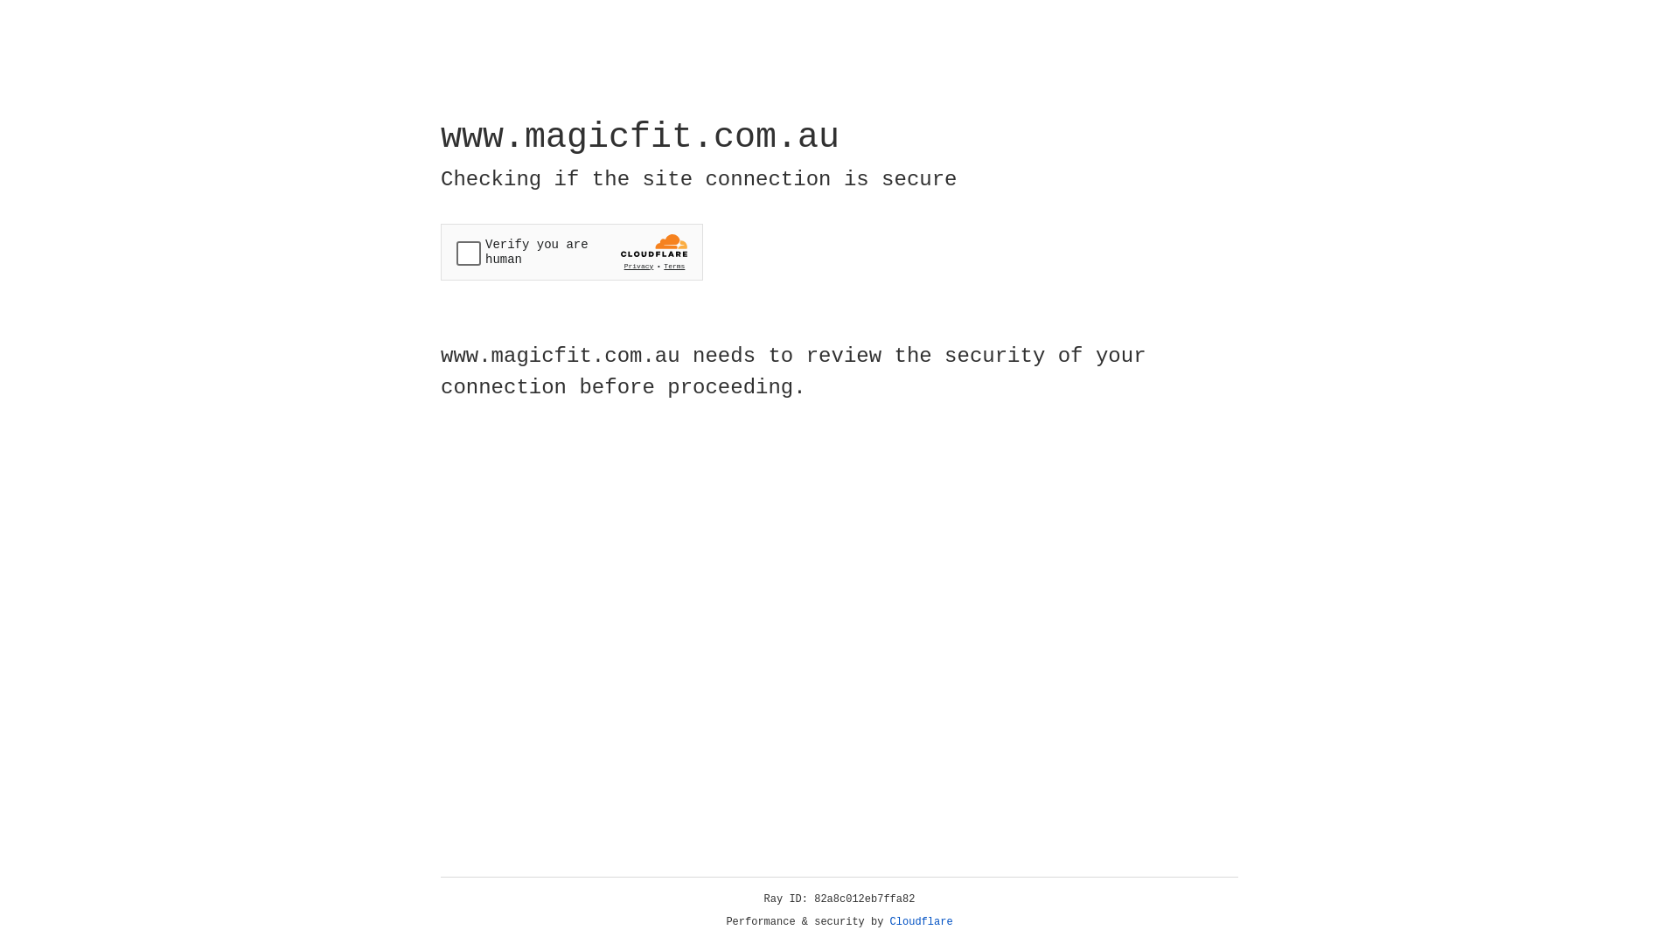 This screenshot has width=1679, height=944. I want to click on 'Cloudflare', so click(889, 921).